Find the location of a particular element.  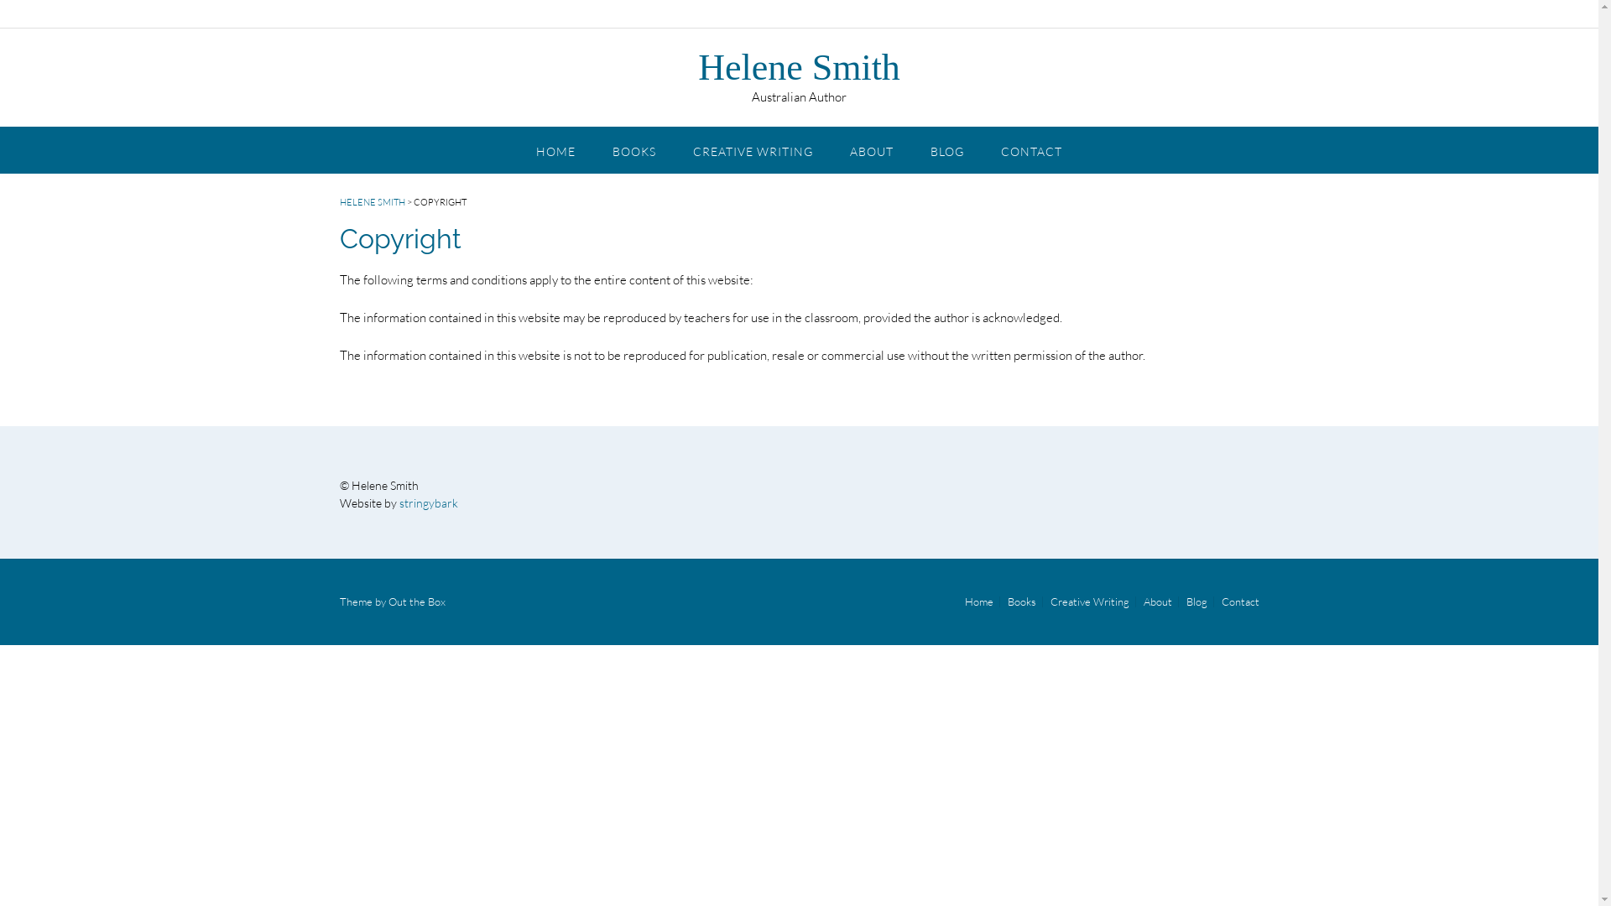

'Contact' is located at coordinates (1236, 601).